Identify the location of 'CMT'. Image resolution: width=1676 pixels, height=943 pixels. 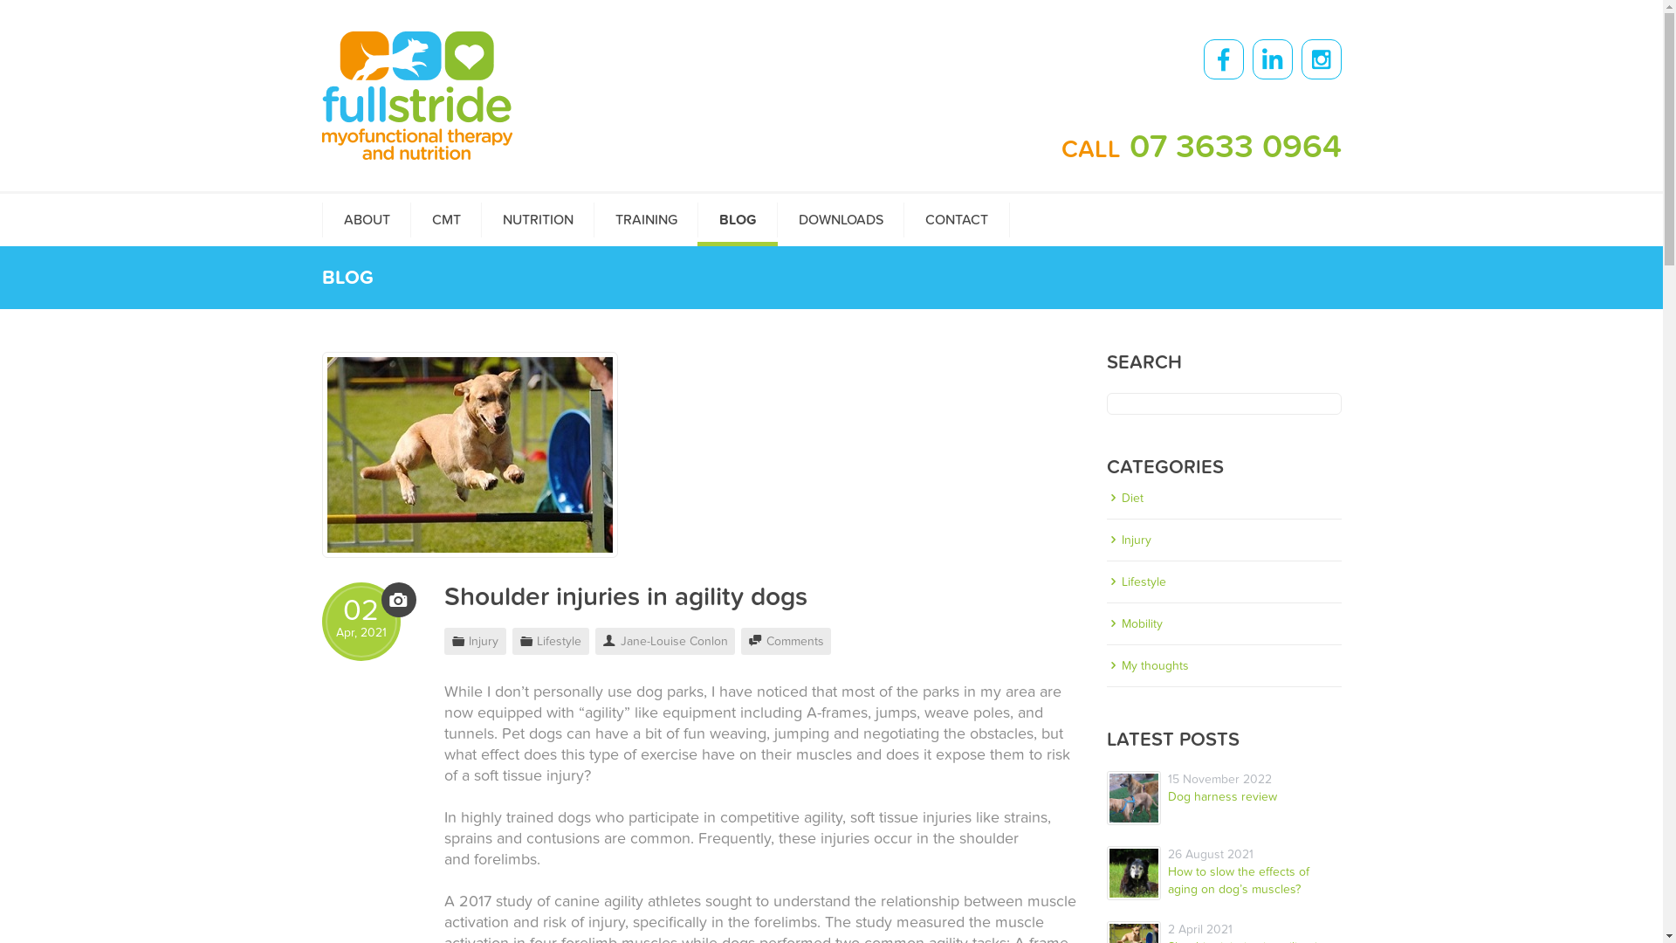
(445, 218).